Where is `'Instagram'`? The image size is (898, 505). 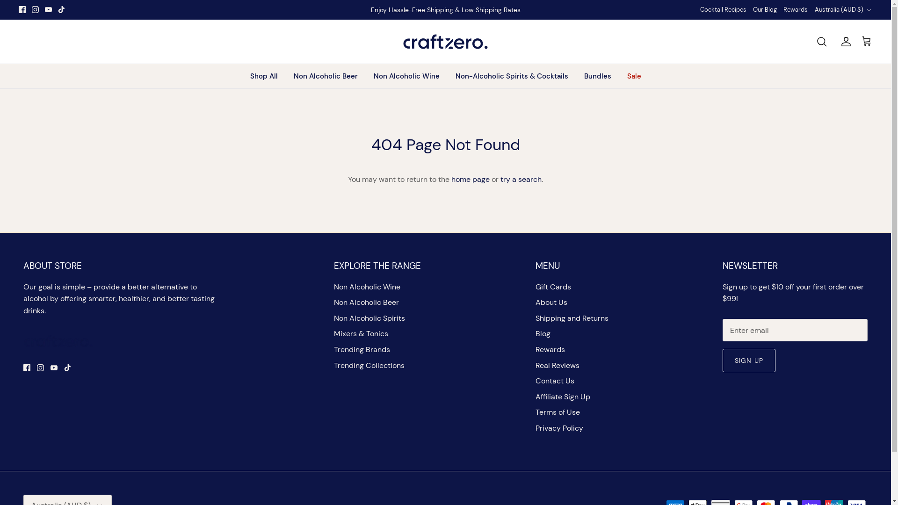
'Instagram' is located at coordinates (40, 367).